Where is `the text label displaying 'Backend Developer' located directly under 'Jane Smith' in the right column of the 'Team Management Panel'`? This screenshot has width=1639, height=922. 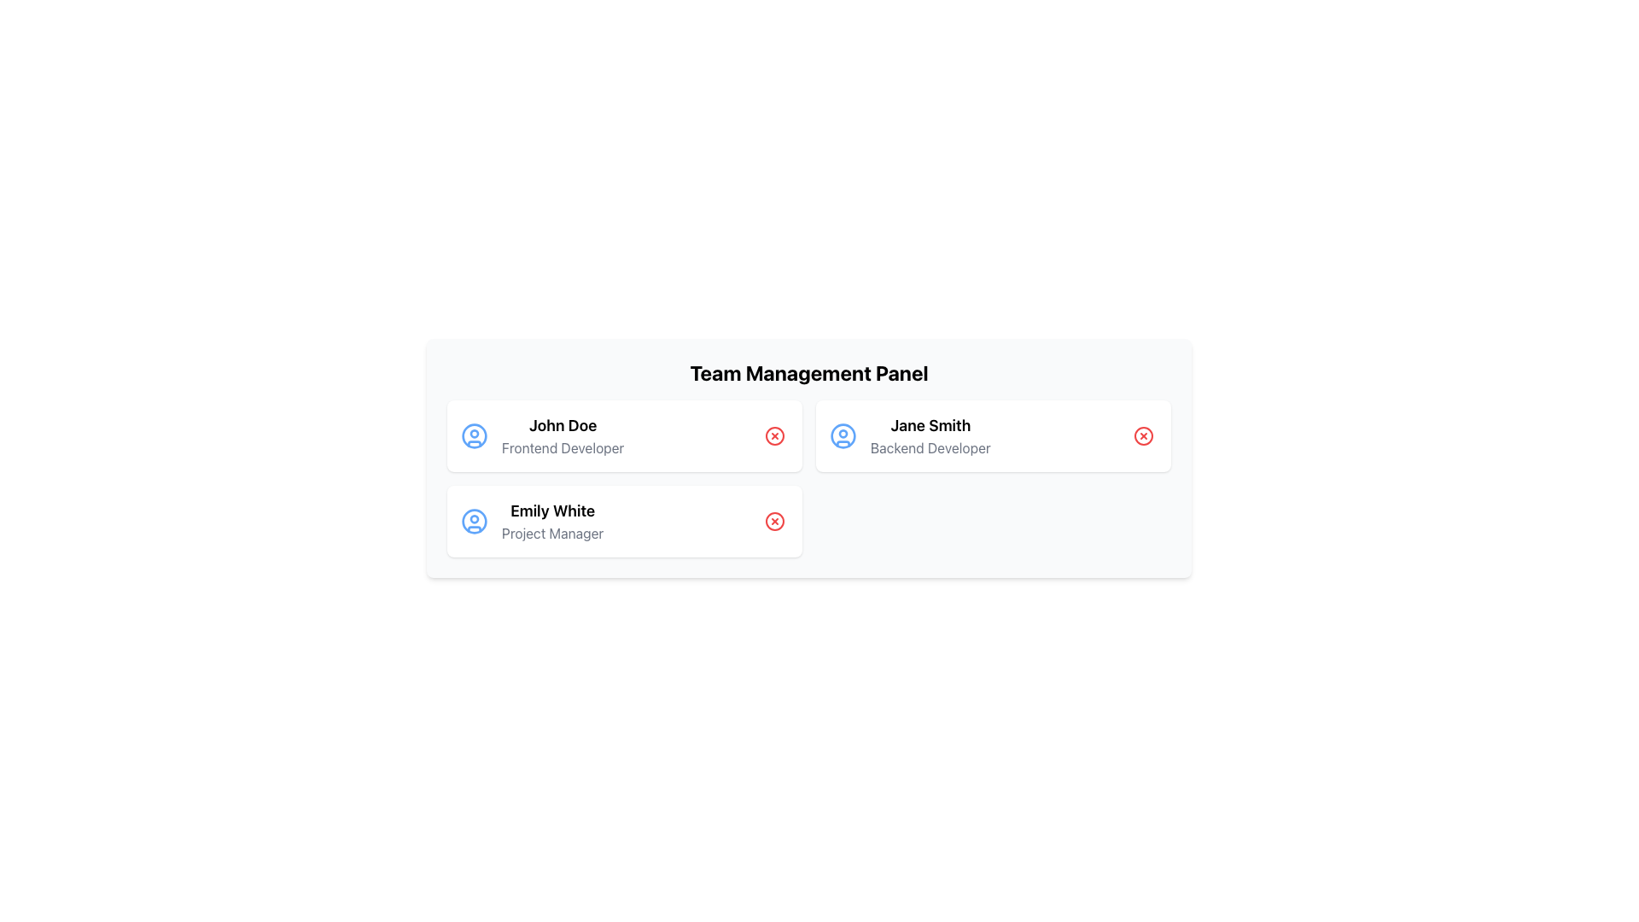
the text label displaying 'Backend Developer' located directly under 'Jane Smith' in the right column of the 'Team Management Panel' is located at coordinates (930, 446).